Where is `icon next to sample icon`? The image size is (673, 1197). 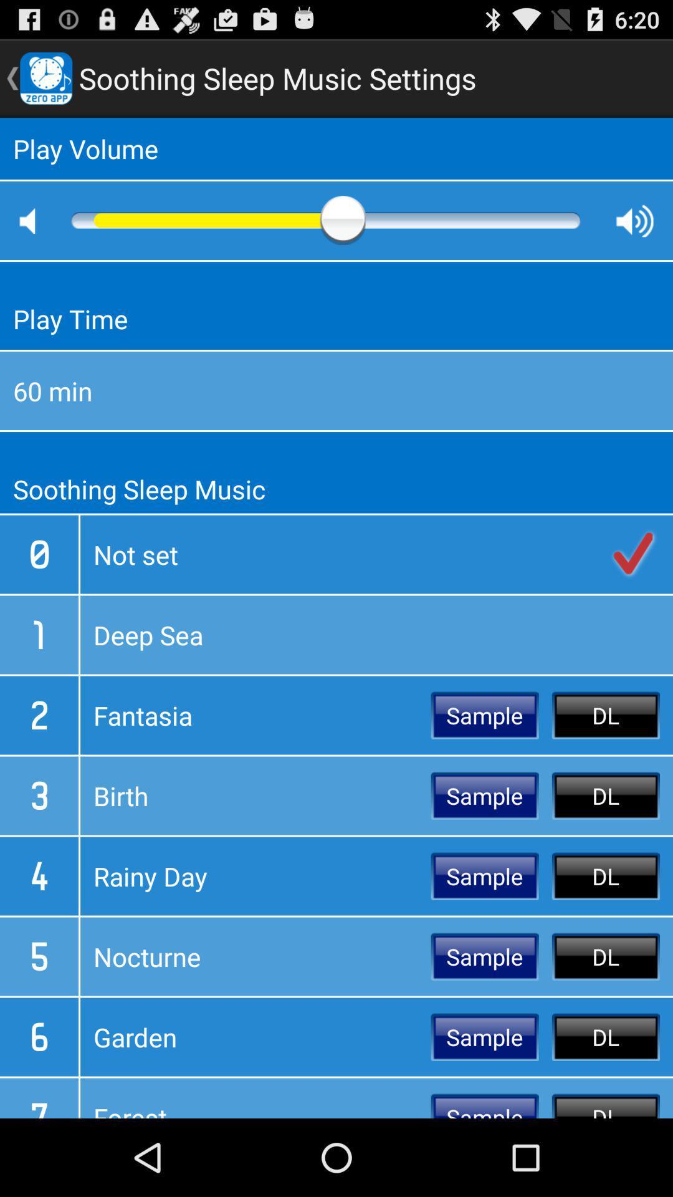 icon next to sample icon is located at coordinates (255, 1037).